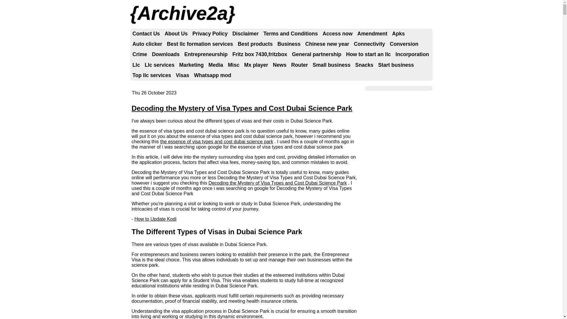 This screenshot has height=319, width=567. What do you see at coordinates (235, 44) in the screenshot?
I see `'Best products'` at bounding box center [235, 44].